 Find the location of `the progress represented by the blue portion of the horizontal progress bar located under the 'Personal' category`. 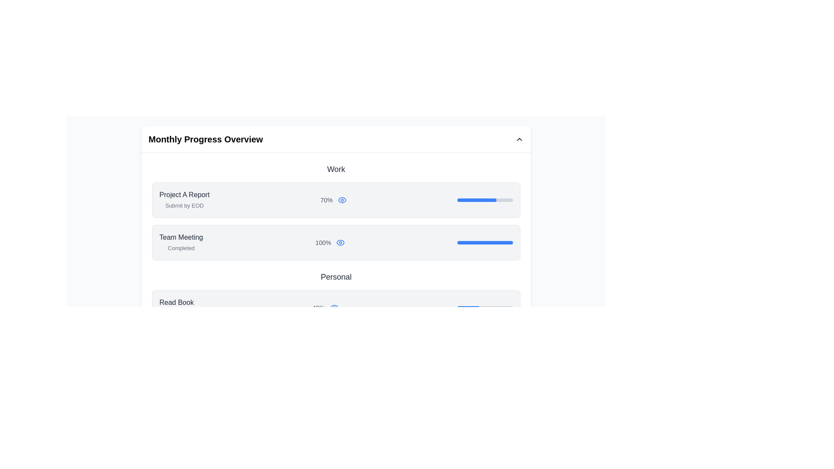

the progress represented by the blue portion of the horizontal progress bar located under the 'Personal' category is located at coordinates (462, 350).